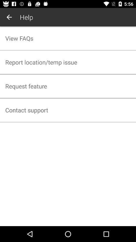 The image size is (136, 242). Describe the element at coordinates (68, 38) in the screenshot. I see `view faqs item` at that location.